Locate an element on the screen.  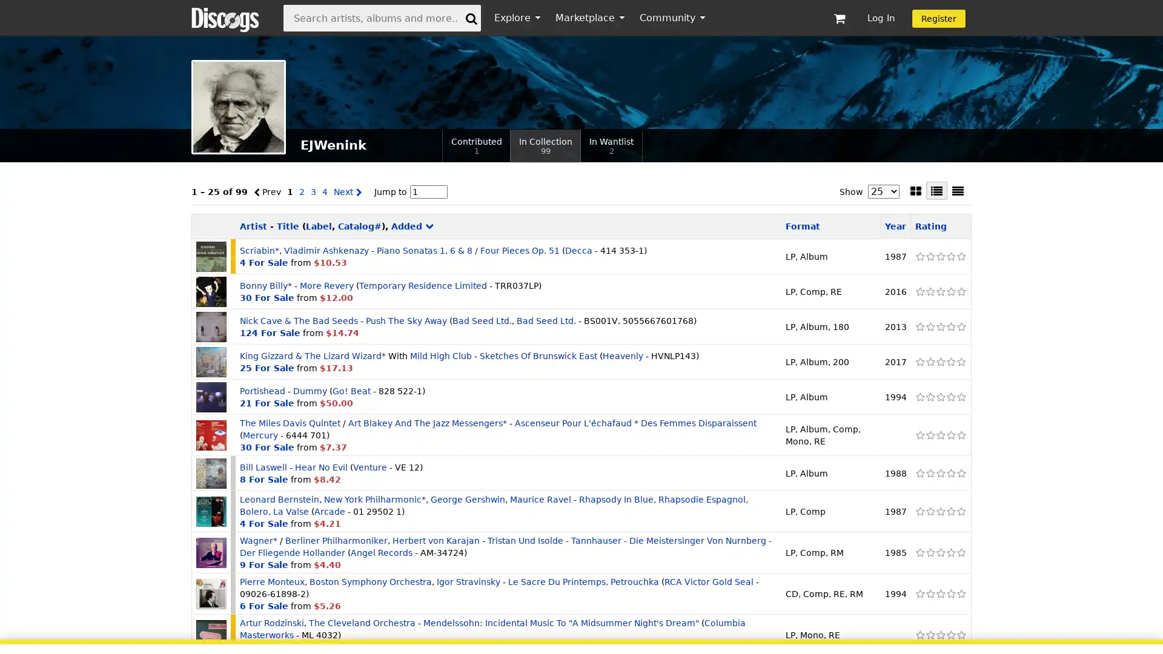
Rate this release 1 star. is located at coordinates (919, 553).